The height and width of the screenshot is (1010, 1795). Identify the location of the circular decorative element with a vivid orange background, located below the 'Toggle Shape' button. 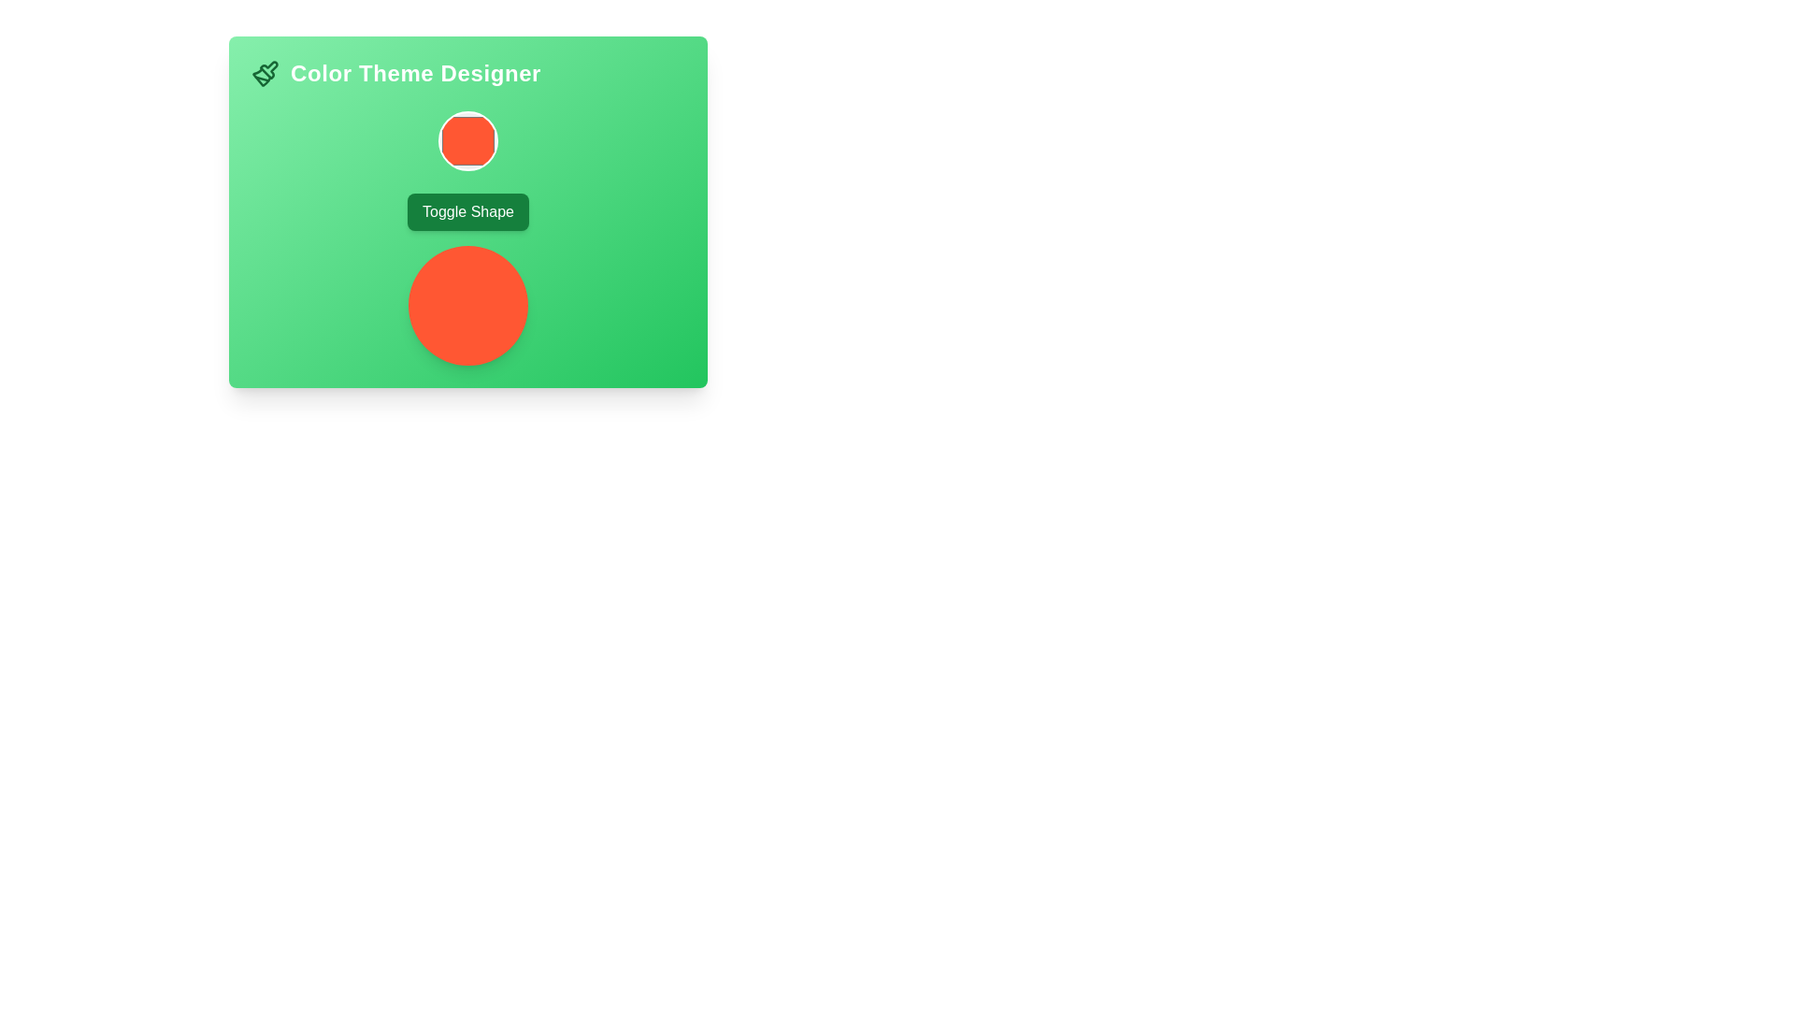
(467, 305).